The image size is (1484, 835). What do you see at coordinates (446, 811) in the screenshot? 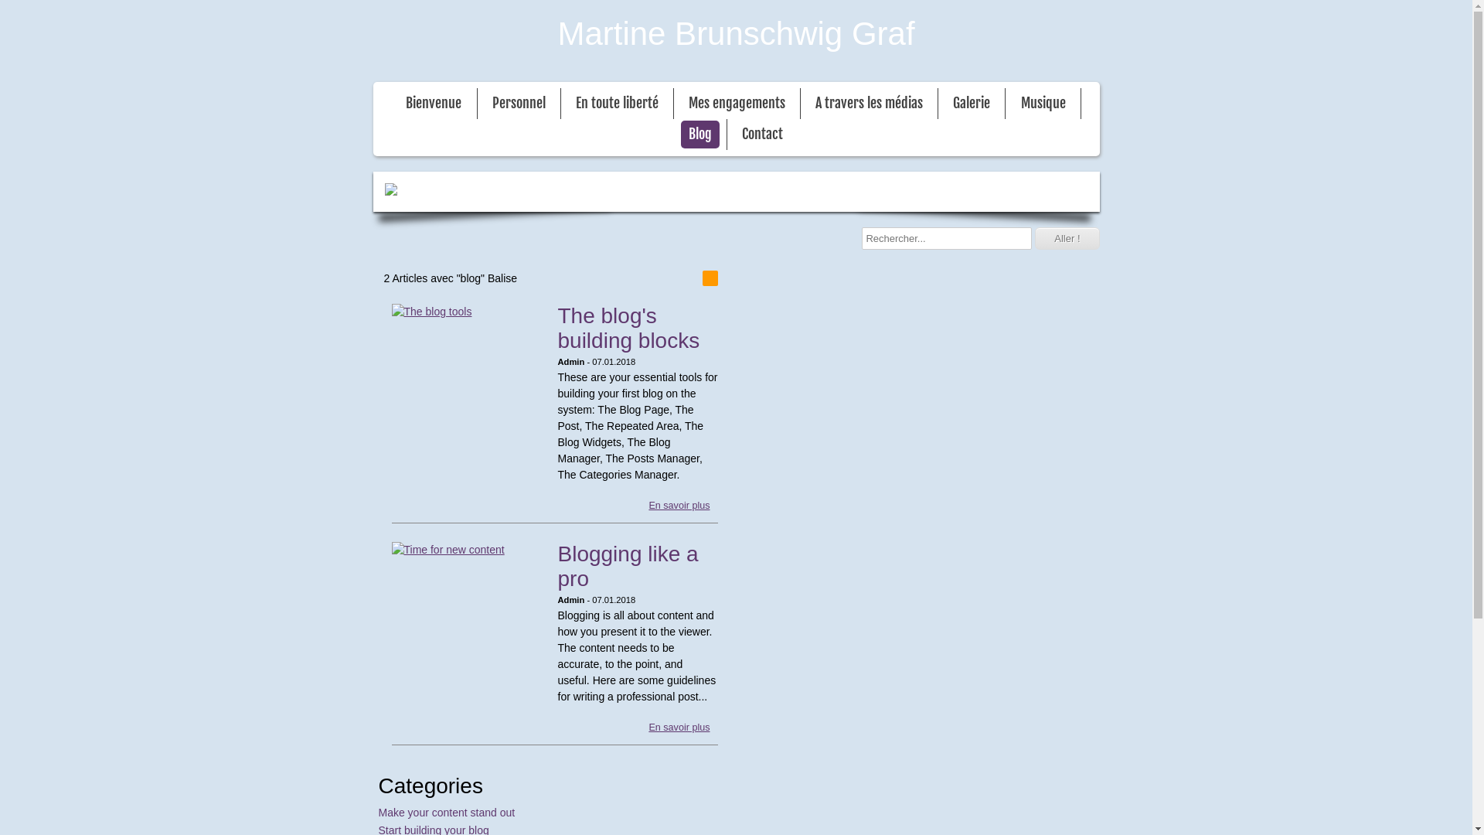
I see `'Make your content stand out'` at bounding box center [446, 811].